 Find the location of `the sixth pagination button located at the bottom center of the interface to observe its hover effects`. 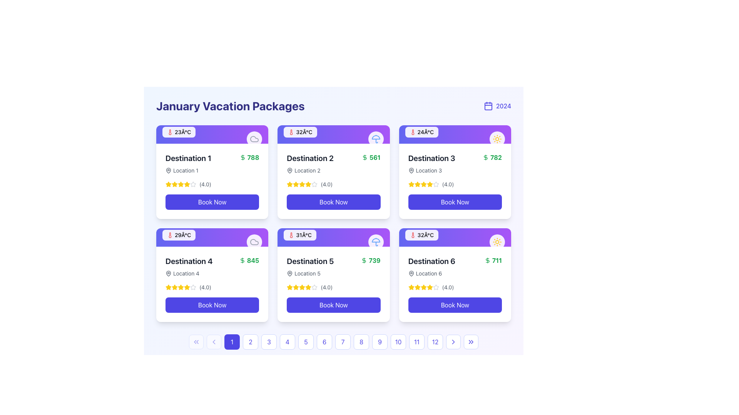

the sixth pagination button located at the bottom center of the interface to observe its hover effects is located at coordinates (324, 342).